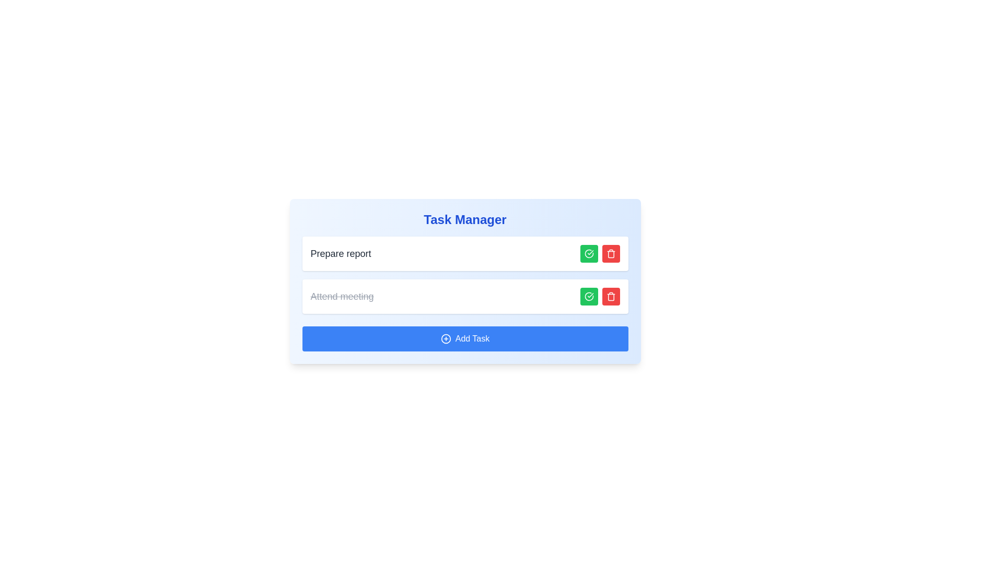 The width and height of the screenshot is (1003, 564). I want to click on the static text label reading 'Prepare report' located in the header of the task card, so click(341, 254).